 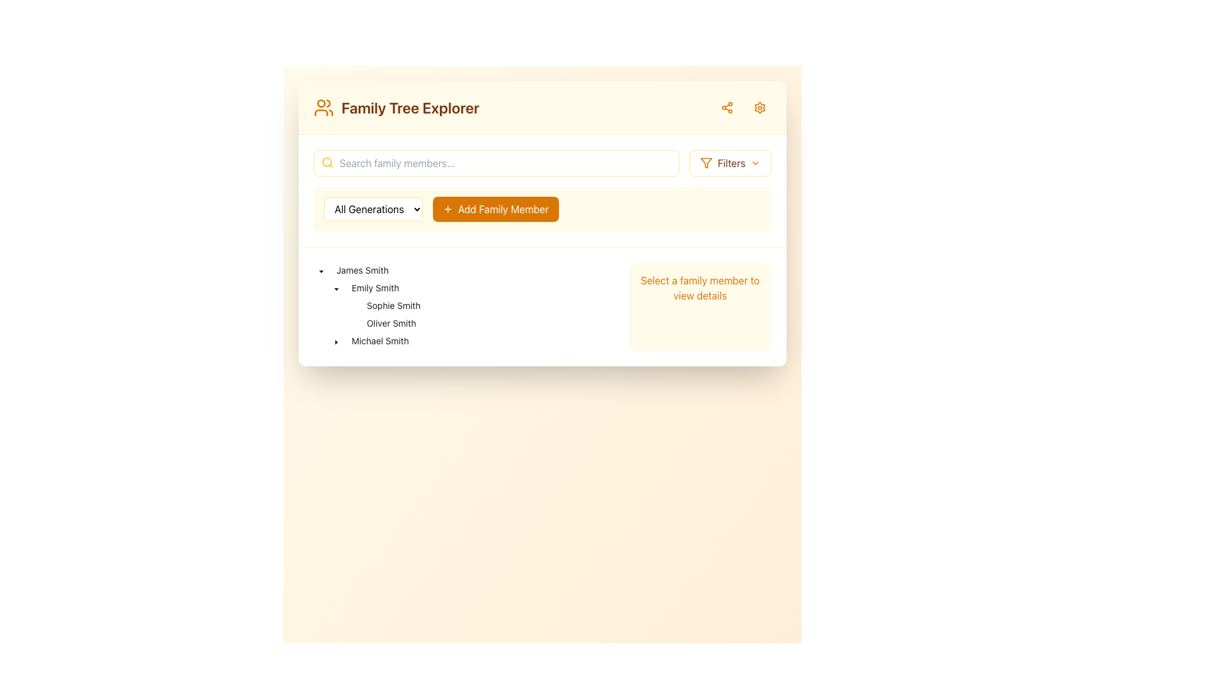 What do you see at coordinates (542, 223) in the screenshot?
I see `the orange button labeled '+ Add Family Member' located in the center section of the interface, between the 'All Generations' dropdown and the text search bar` at bounding box center [542, 223].